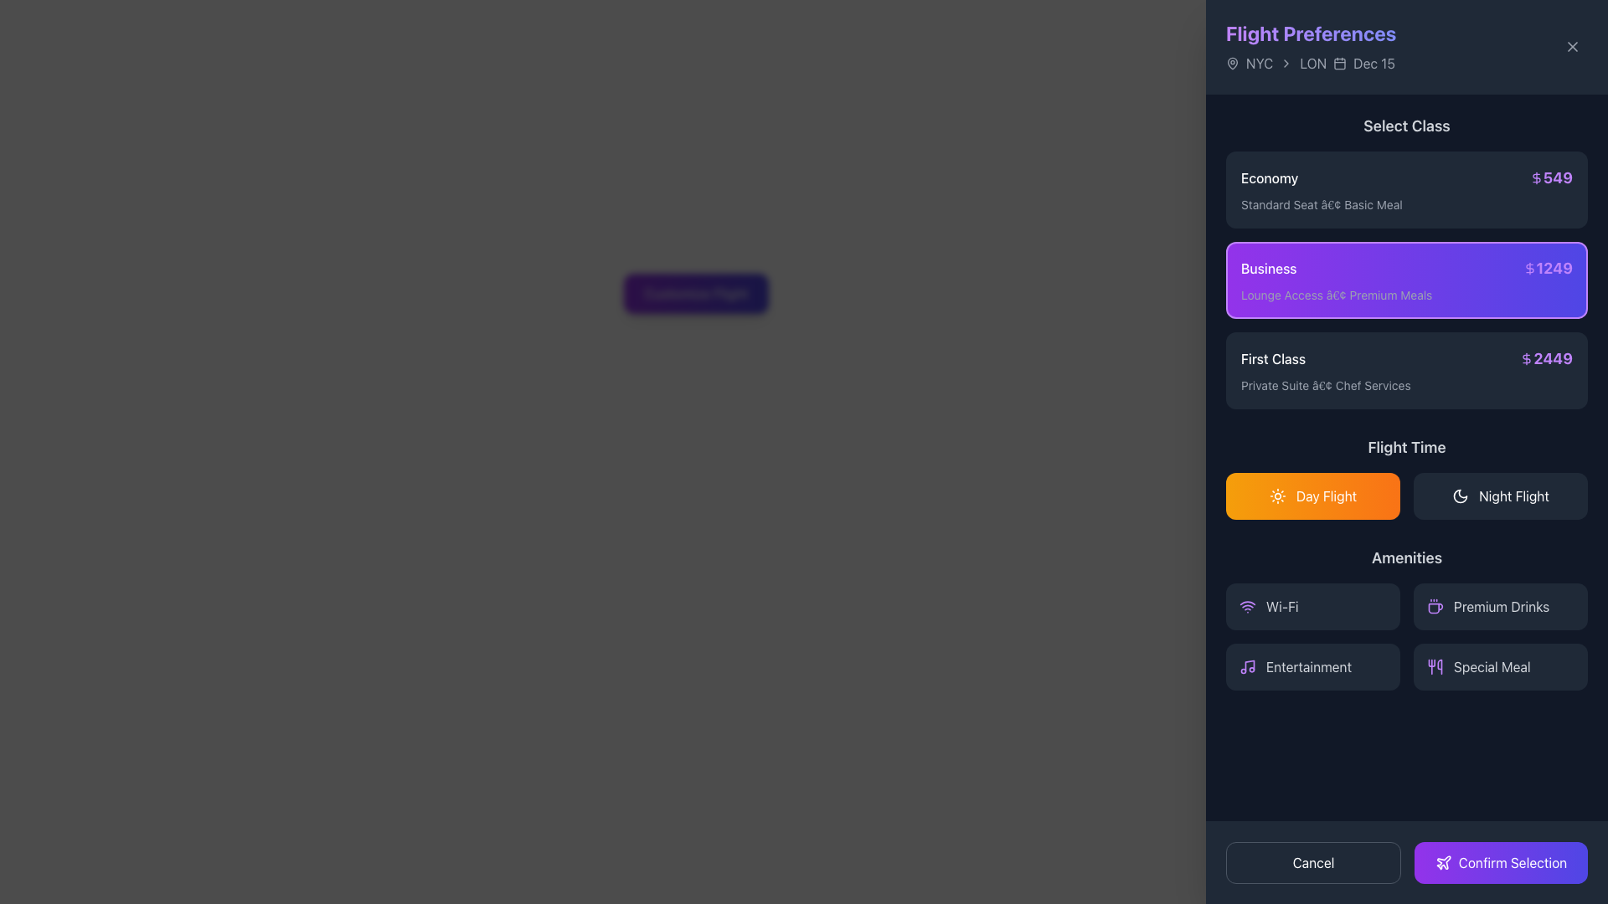  I want to click on the 'Confirm Selection' button which contains the flight confirmation icon, so click(1442, 862).